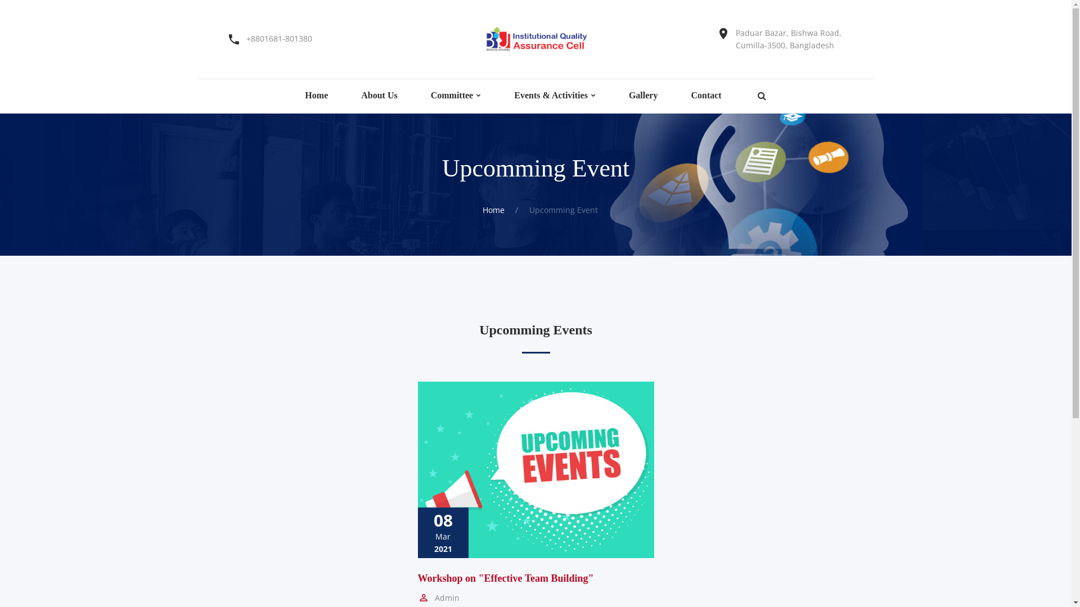 The width and height of the screenshot is (1080, 607). What do you see at coordinates (452, 94) in the screenshot?
I see `'Committee'` at bounding box center [452, 94].